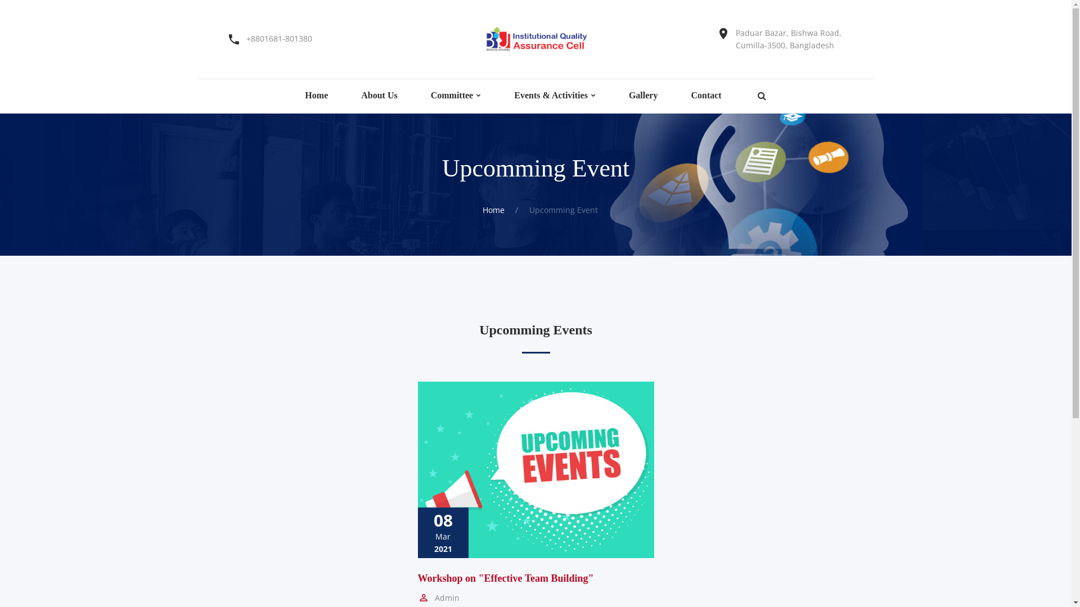 The width and height of the screenshot is (1080, 607). What do you see at coordinates (452, 94) in the screenshot?
I see `'Committee'` at bounding box center [452, 94].